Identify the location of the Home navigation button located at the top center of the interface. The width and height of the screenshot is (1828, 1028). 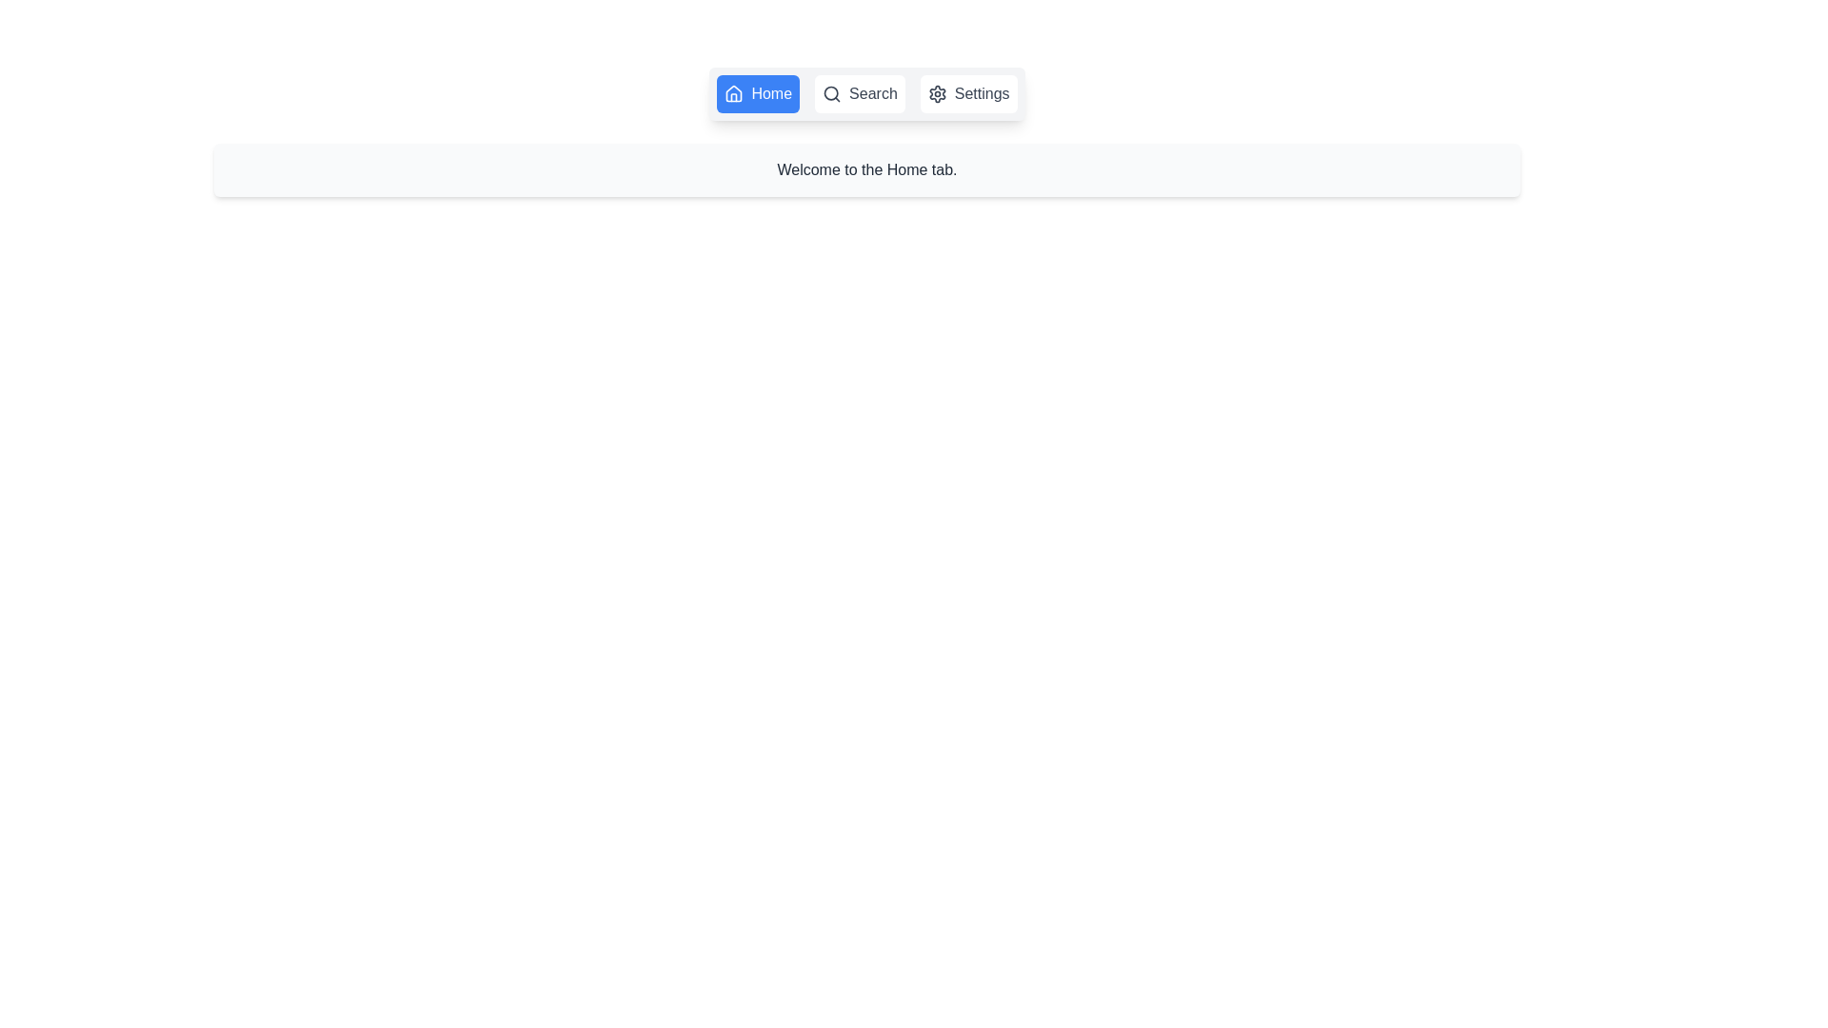
(757, 94).